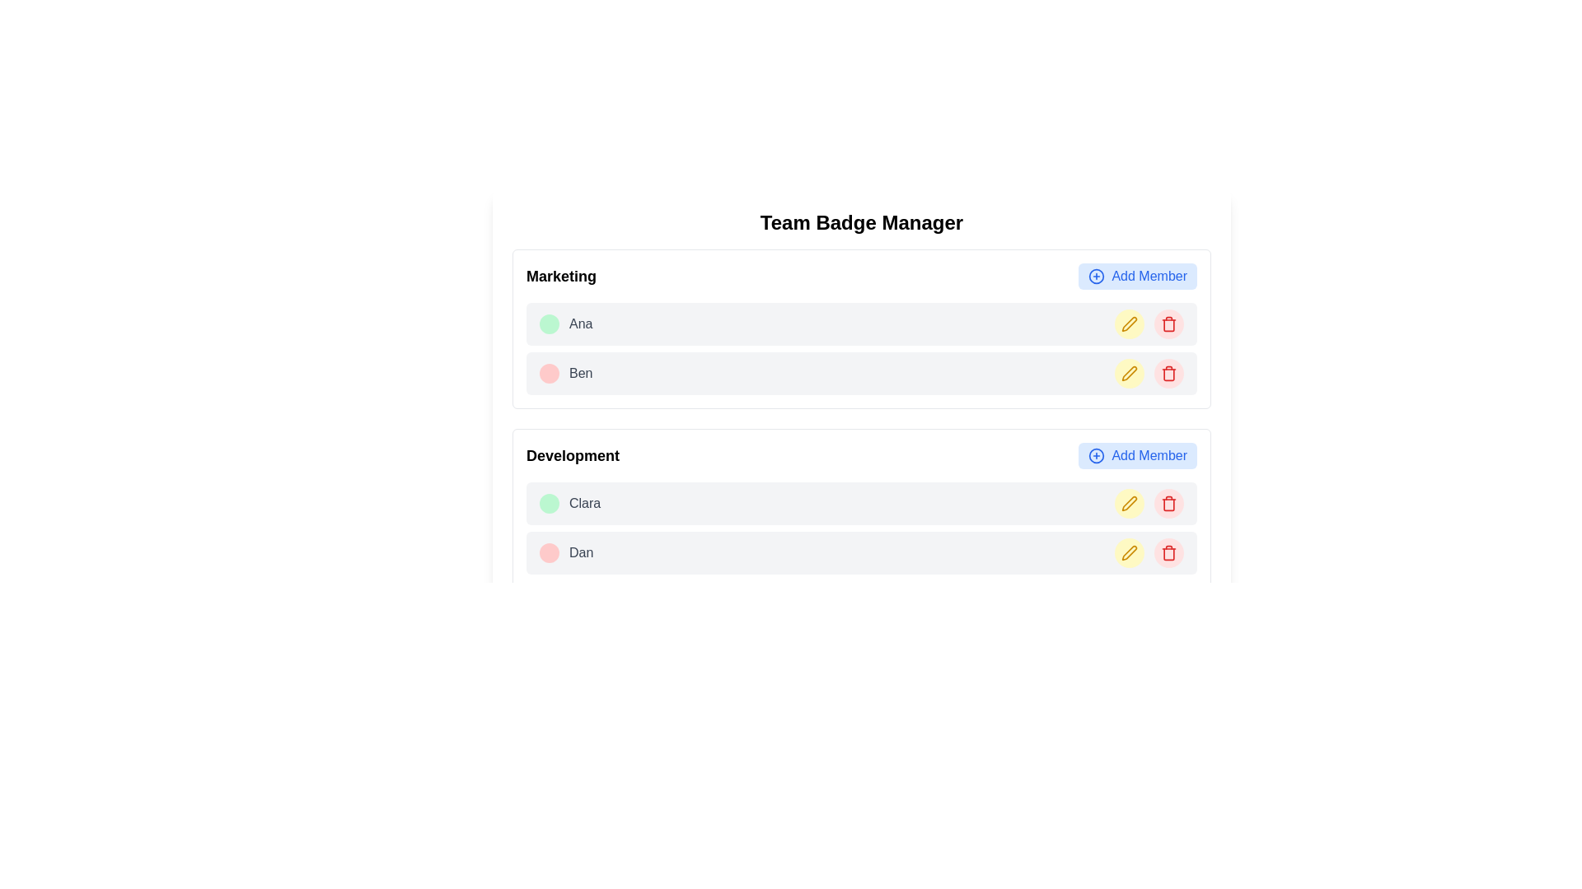 Image resolution: width=1582 pixels, height=889 pixels. I want to click on SVG Circle element, which is a part of the plus-circle icon located in the top-right section of the 'Marketing' group, using developer tools, so click(1097, 275).